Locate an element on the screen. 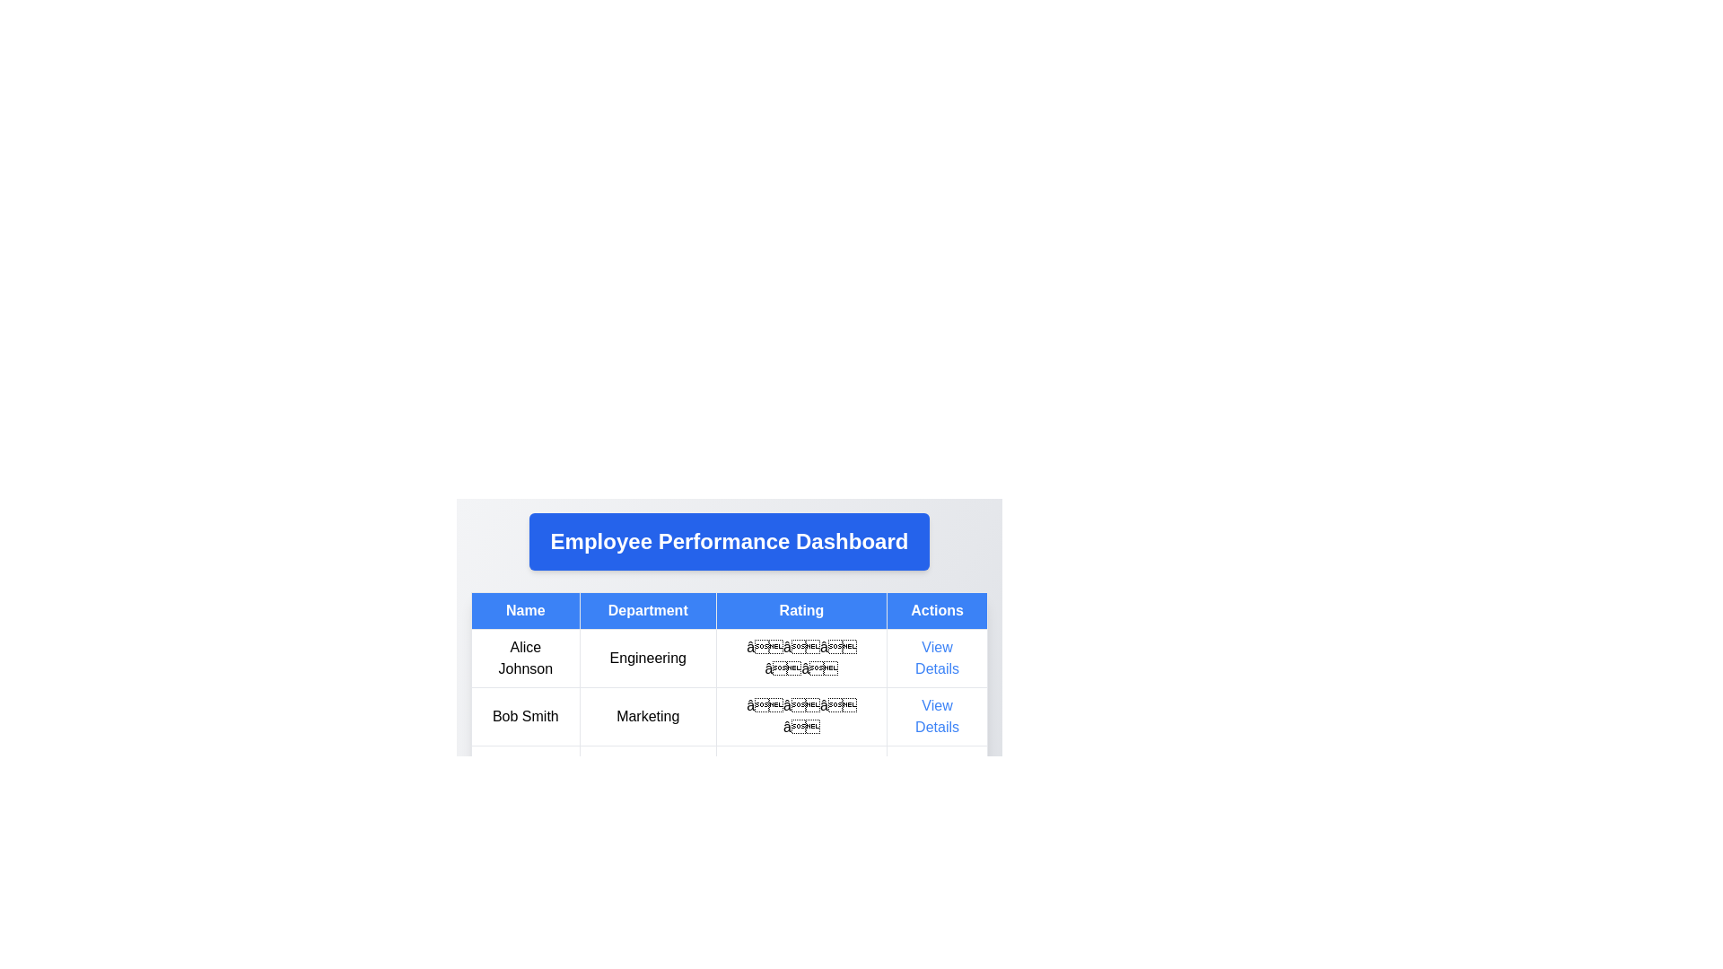 Image resolution: width=1723 pixels, height=969 pixels. the second 'View Details' link in the 'Actions' column for Alice Johnson in the Engineering department is located at coordinates (936, 658).